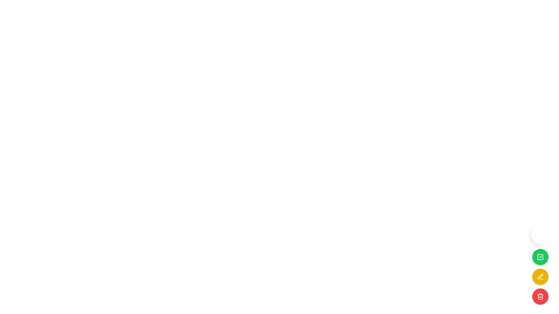 The image size is (559, 314). Describe the element at coordinates (540, 297) in the screenshot. I see `the trash can icon's middle component` at that location.